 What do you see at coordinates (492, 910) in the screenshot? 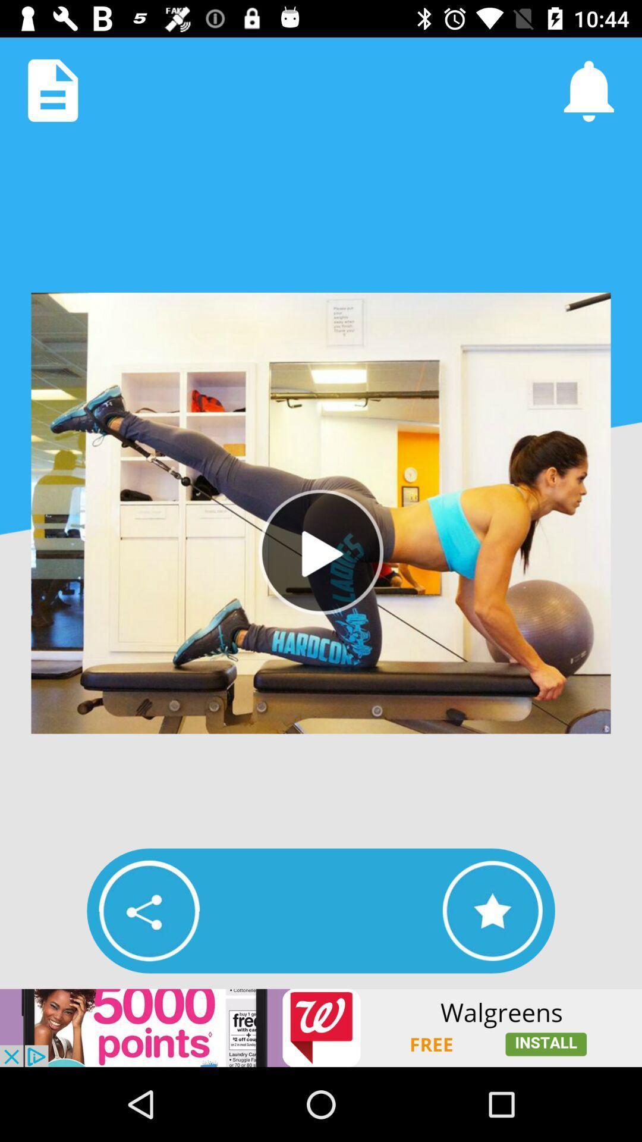
I see `favourite` at bounding box center [492, 910].